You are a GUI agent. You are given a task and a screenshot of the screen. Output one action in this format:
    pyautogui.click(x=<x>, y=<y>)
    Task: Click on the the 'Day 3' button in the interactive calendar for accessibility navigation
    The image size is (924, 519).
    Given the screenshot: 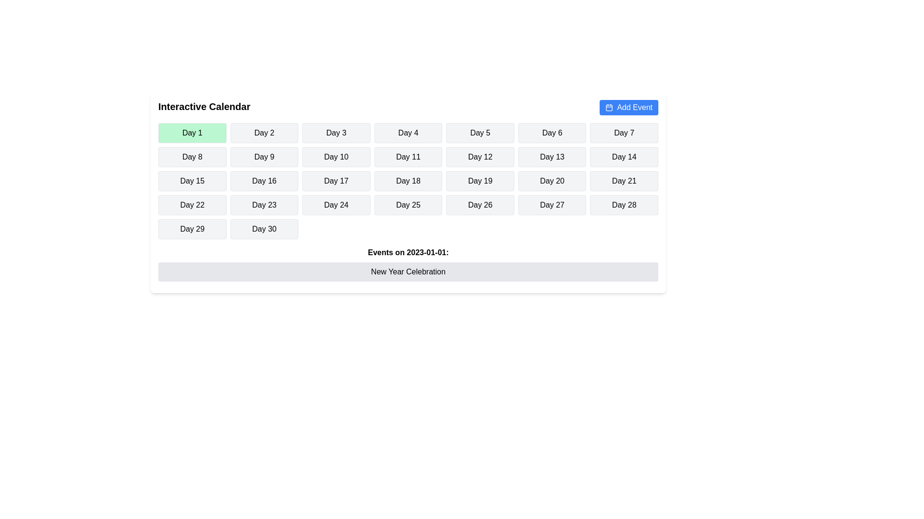 What is the action you would take?
    pyautogui.click(x=336, y=133)
    